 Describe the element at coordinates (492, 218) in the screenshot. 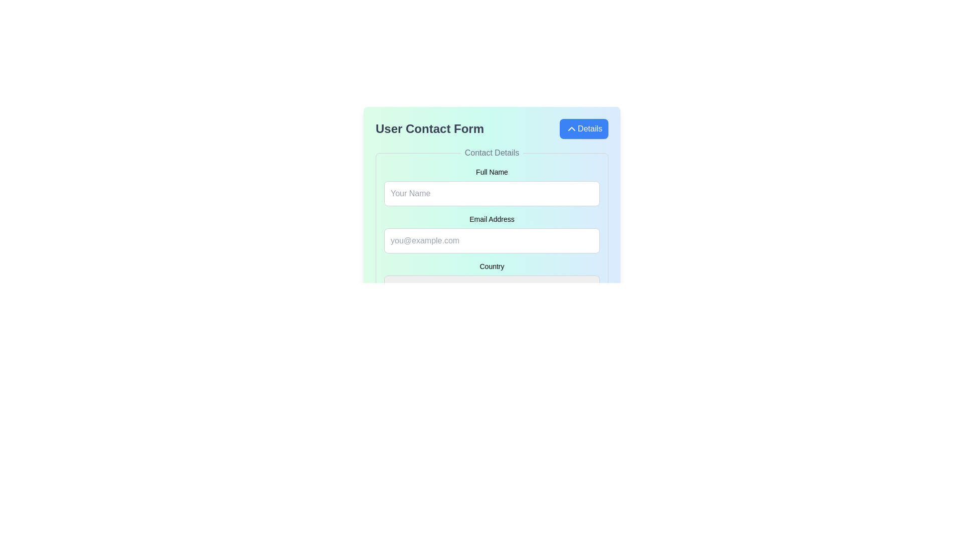

I see `the label indicating the purpose of the email input field in the 'User Contact Form', located between the 'Full Name' input section and the email input field` at that location.